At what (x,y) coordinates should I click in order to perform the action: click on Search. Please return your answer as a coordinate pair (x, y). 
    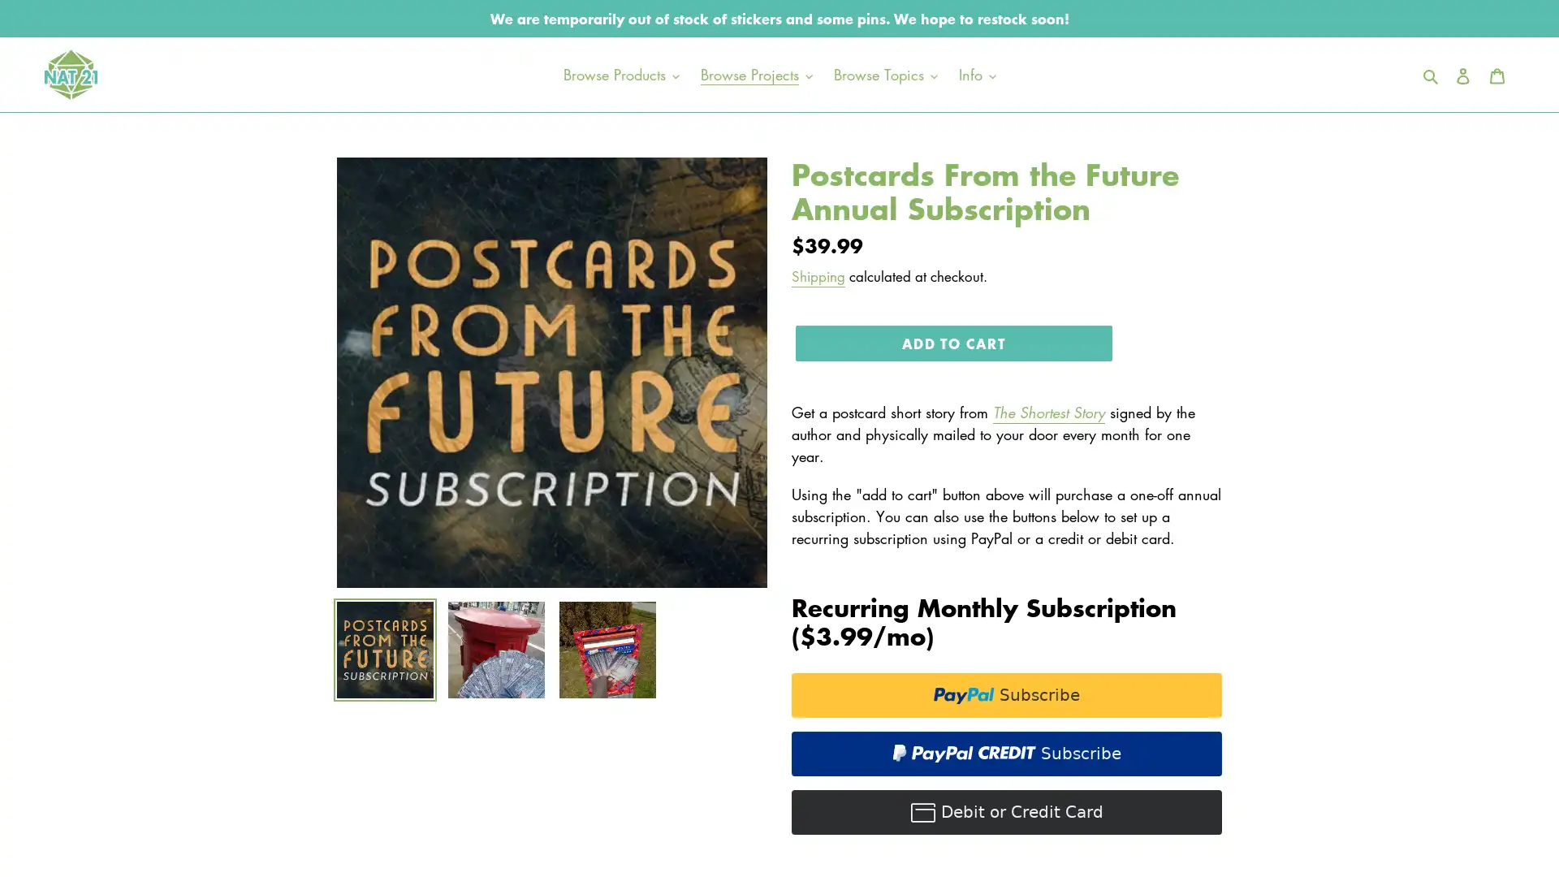
    Looking at the image, I should click on (1432, 74).